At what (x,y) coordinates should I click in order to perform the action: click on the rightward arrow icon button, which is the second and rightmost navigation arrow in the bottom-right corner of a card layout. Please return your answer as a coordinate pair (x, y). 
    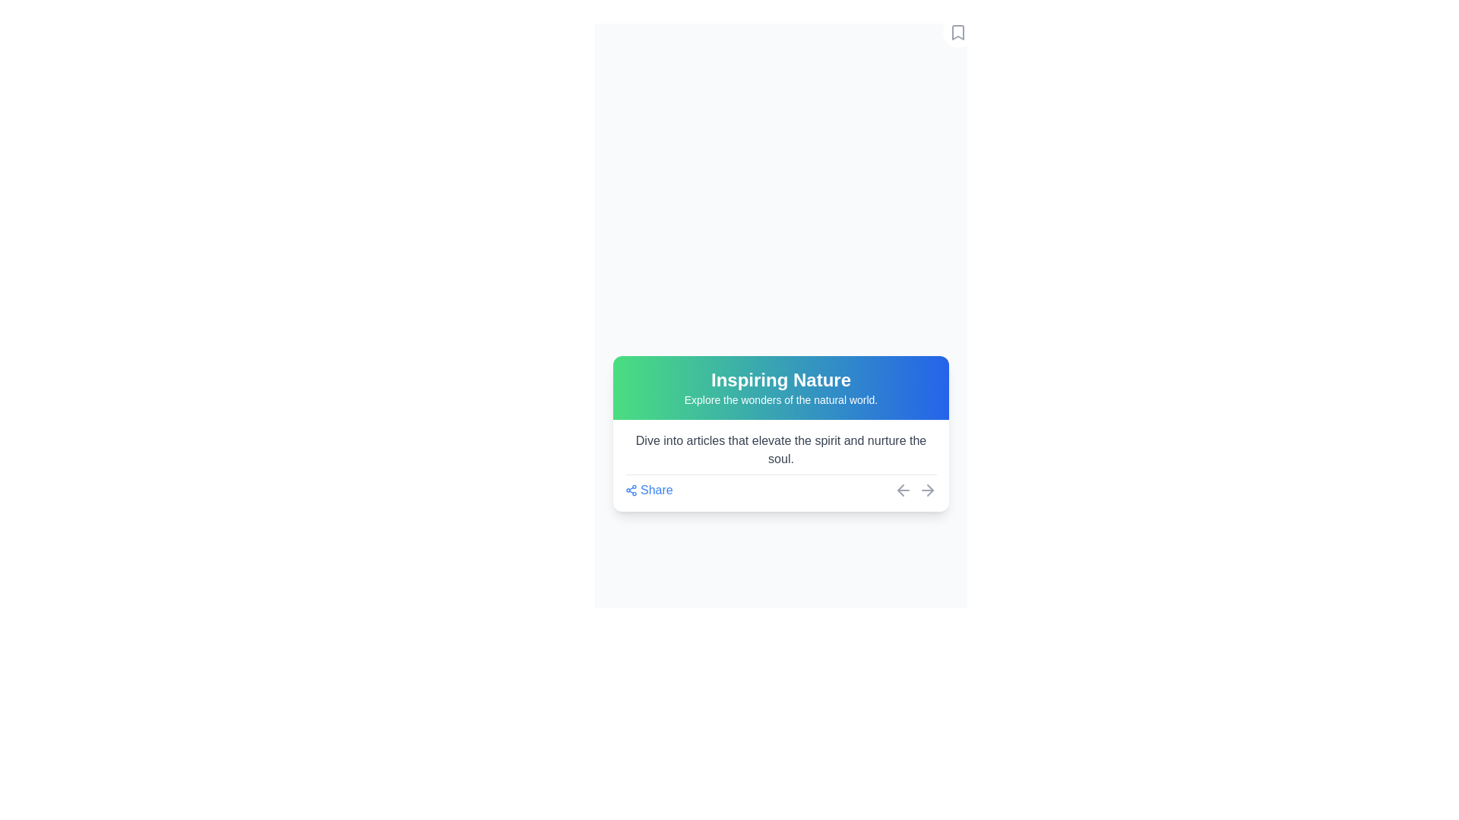
    Looking at the image, I should click on (926, 489).